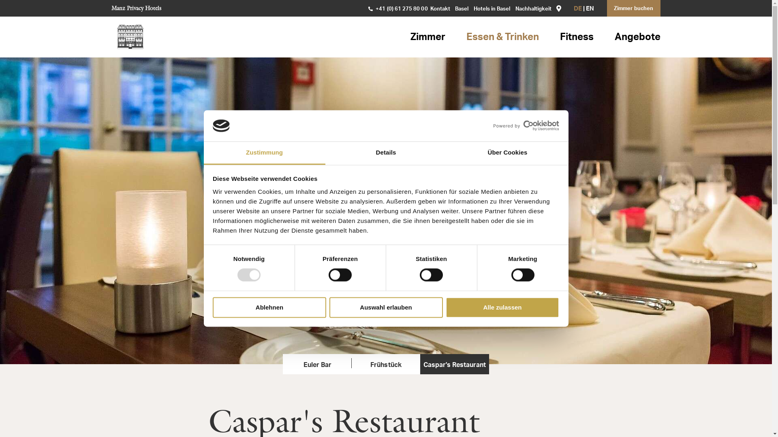 This screenshot has height=437, width=778. Describe the element at coordinates (445, 307) in the screenshot. I see `'Alle zulassen'` at that location.